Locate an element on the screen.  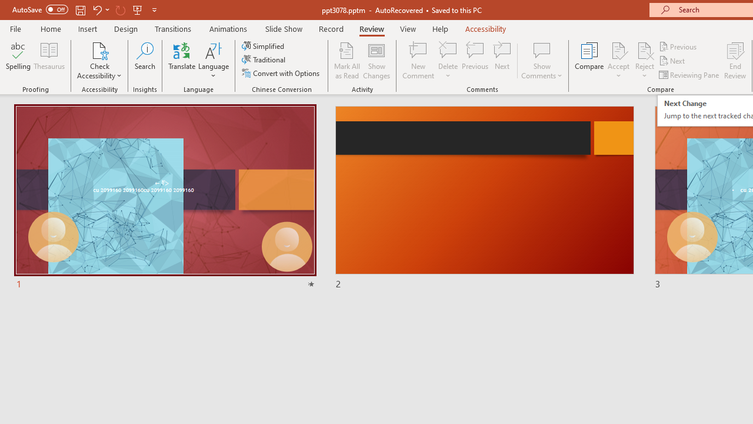
'Next' is located at coordinates (673, 61).